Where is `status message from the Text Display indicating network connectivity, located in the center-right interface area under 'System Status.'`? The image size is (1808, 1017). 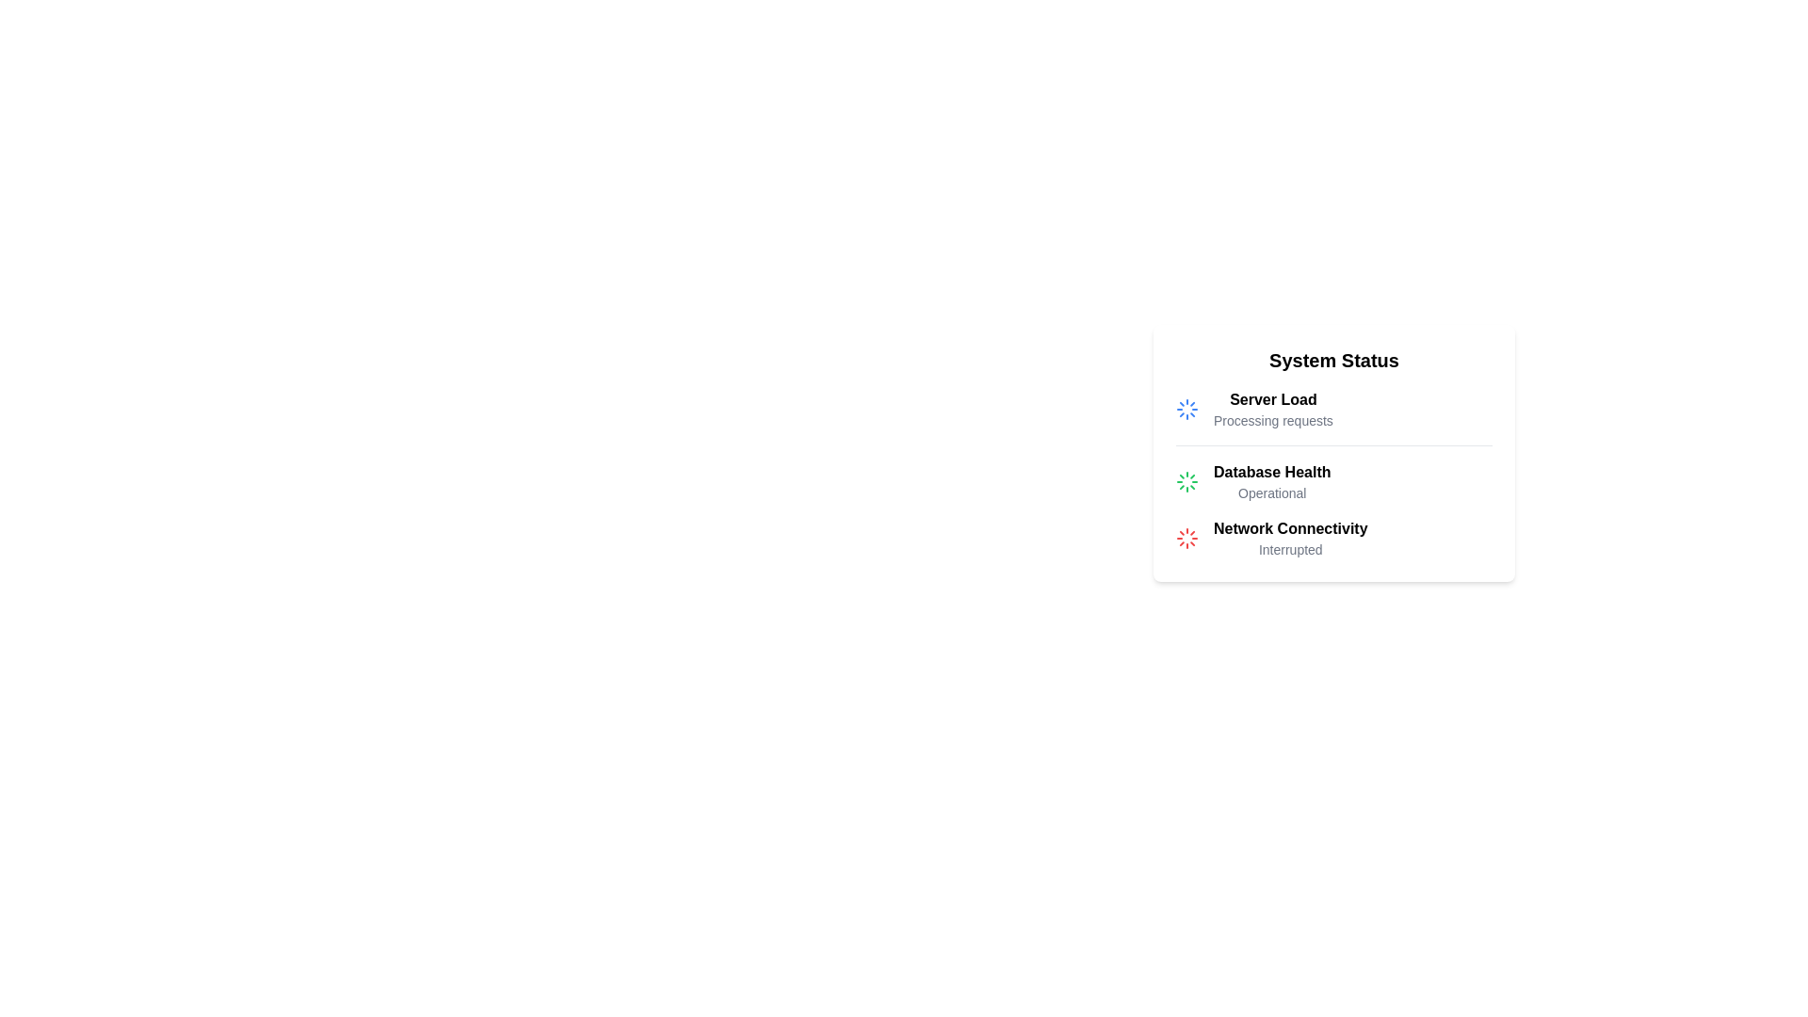
status message from the Text Display indicating network connectivity, located in the center-right interface area under 'System Status.' is located at coordinates (1289, 538).